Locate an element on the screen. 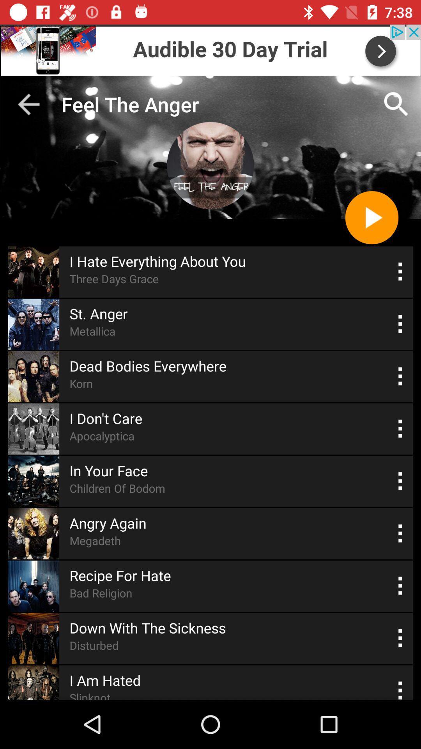  audible trial is located at coordinates (210, 50).